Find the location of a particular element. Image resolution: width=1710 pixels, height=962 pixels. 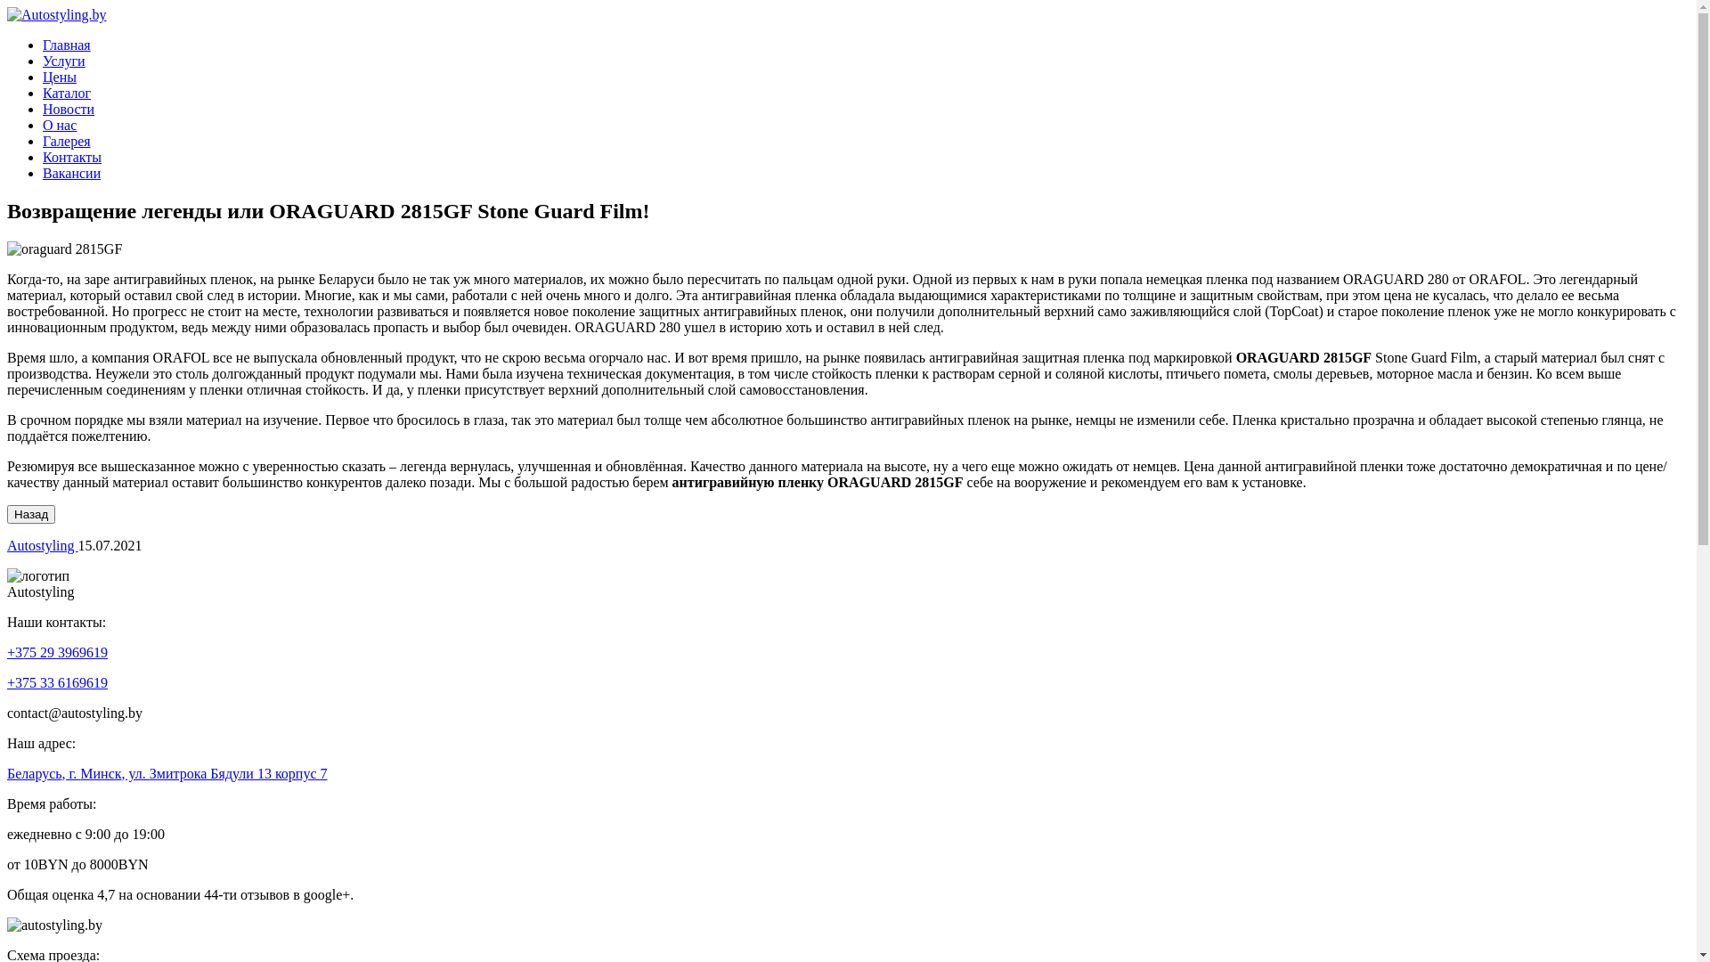

'+375 29 3969619' is located at coordinates (7, 652).